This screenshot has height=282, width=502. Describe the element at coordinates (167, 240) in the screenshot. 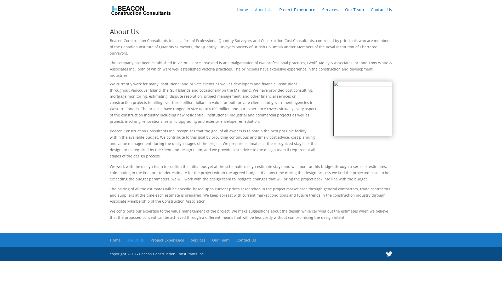

I see `'Project Experience'` at that location.